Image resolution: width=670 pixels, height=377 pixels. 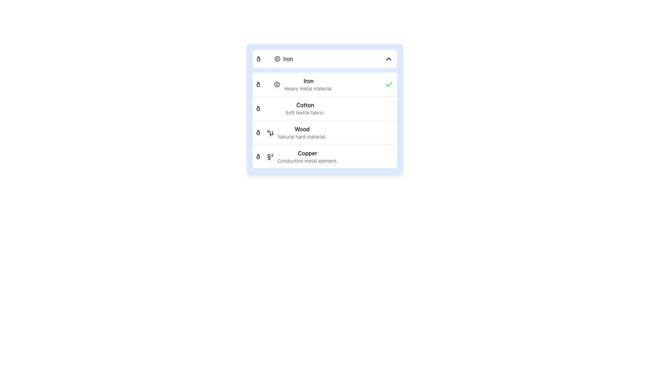 What do you see at coordinates (307, 161) in the screenshot?
I see `the text label that describes 'Conductive metal element.' which is styled in gray and positioned below the title 'Copper.'` at bounding box center [307, 161].